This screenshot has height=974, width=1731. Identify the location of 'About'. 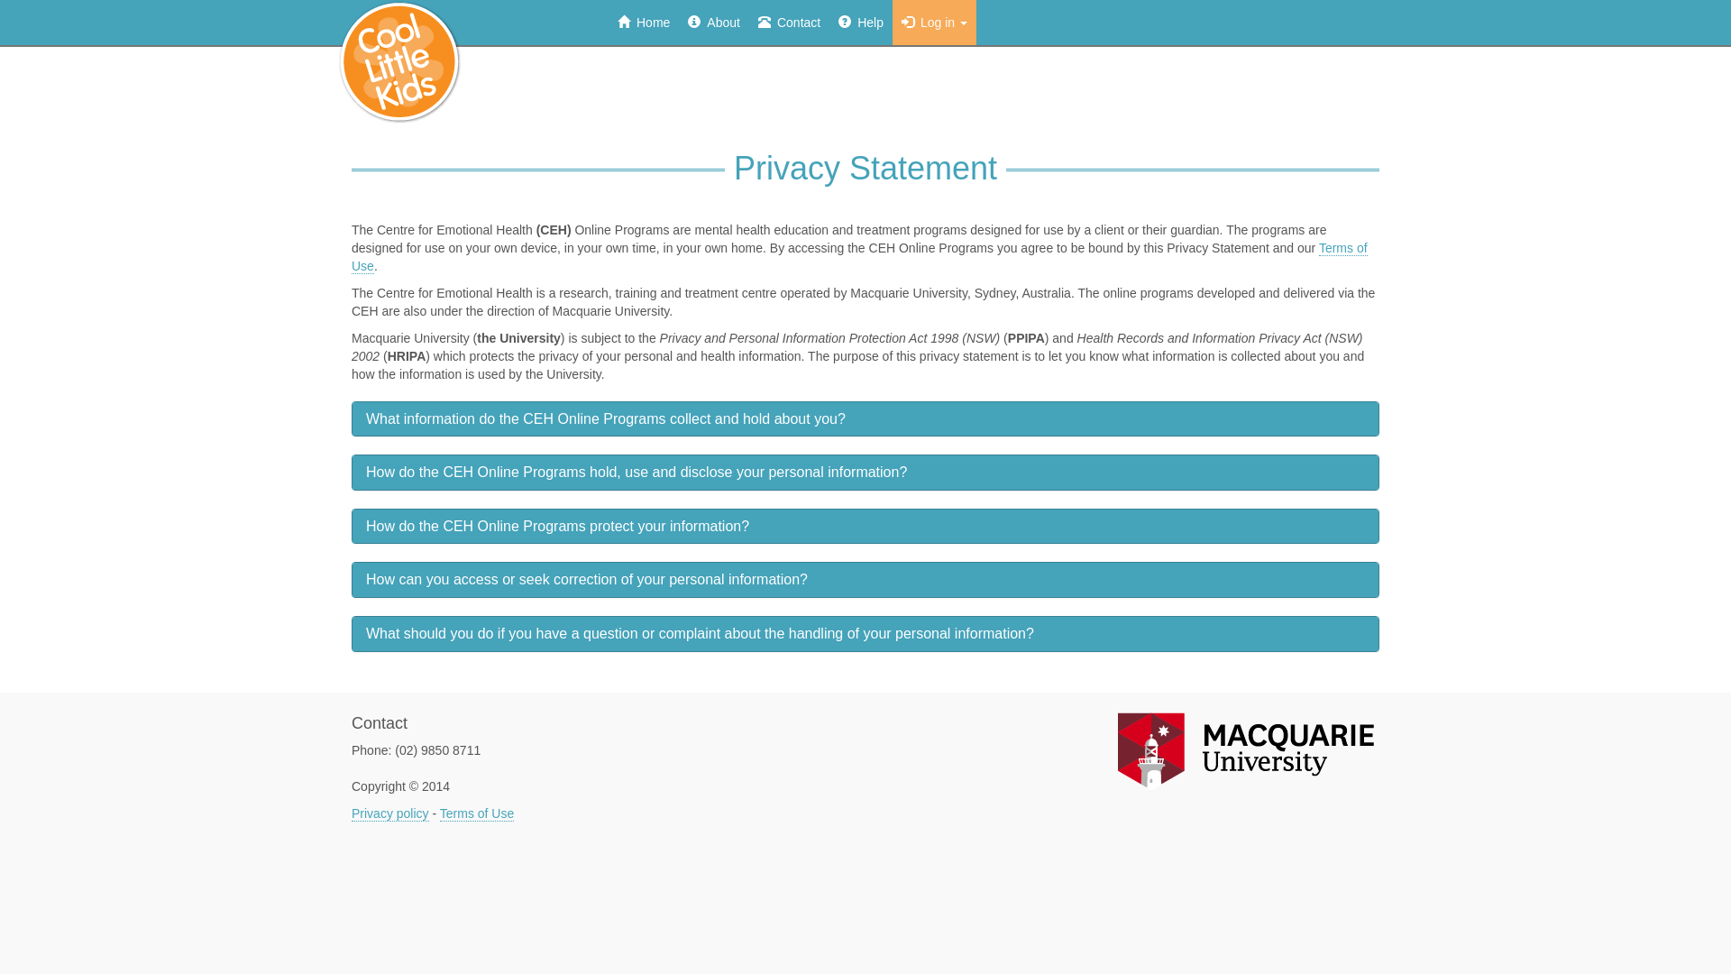
(713, 22).